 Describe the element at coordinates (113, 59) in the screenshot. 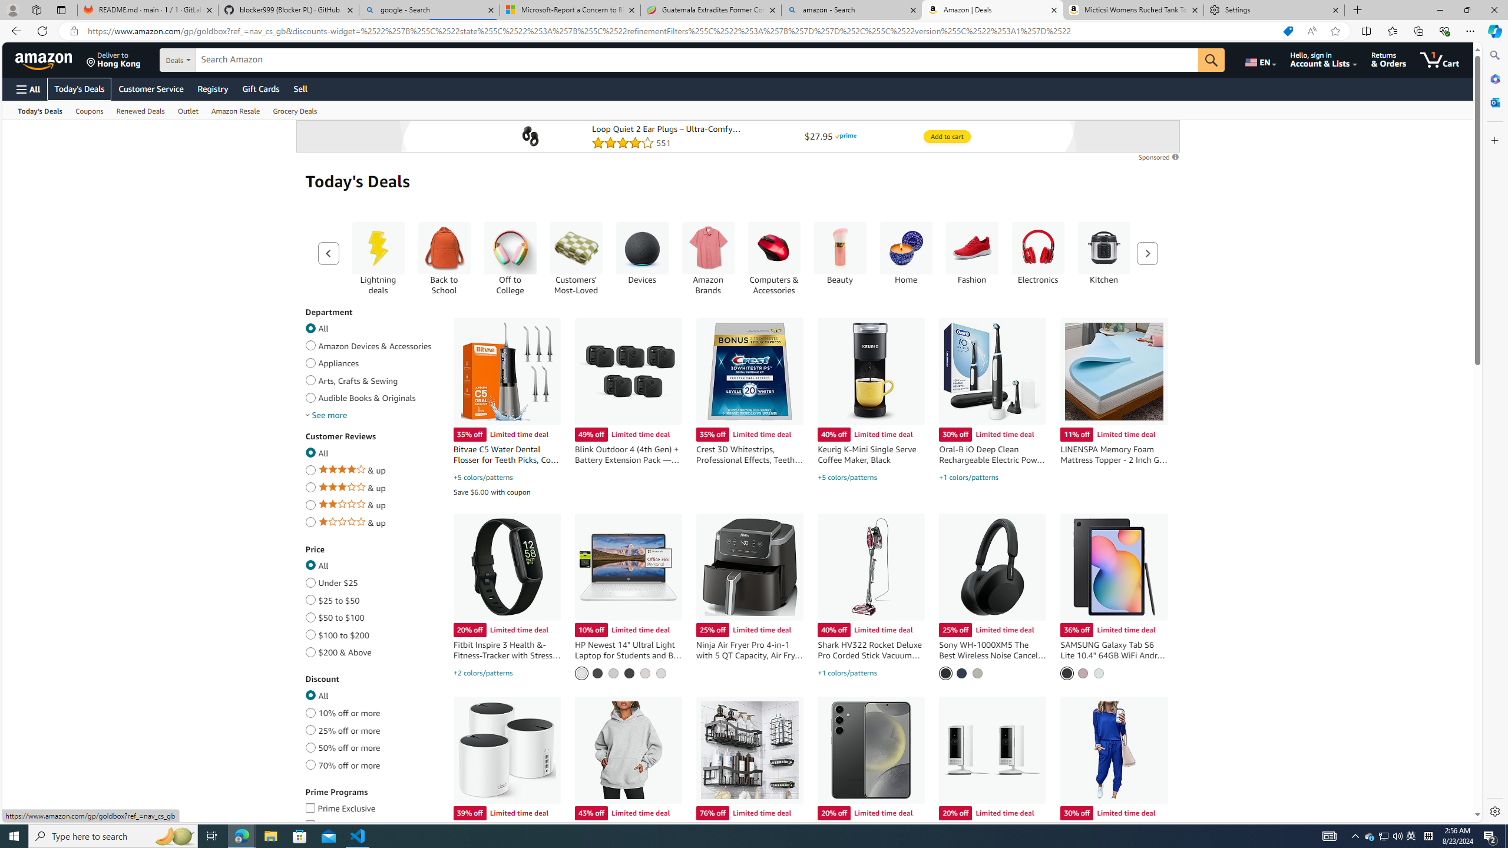

I see `'Deliver to Hong Kong'` at that location.